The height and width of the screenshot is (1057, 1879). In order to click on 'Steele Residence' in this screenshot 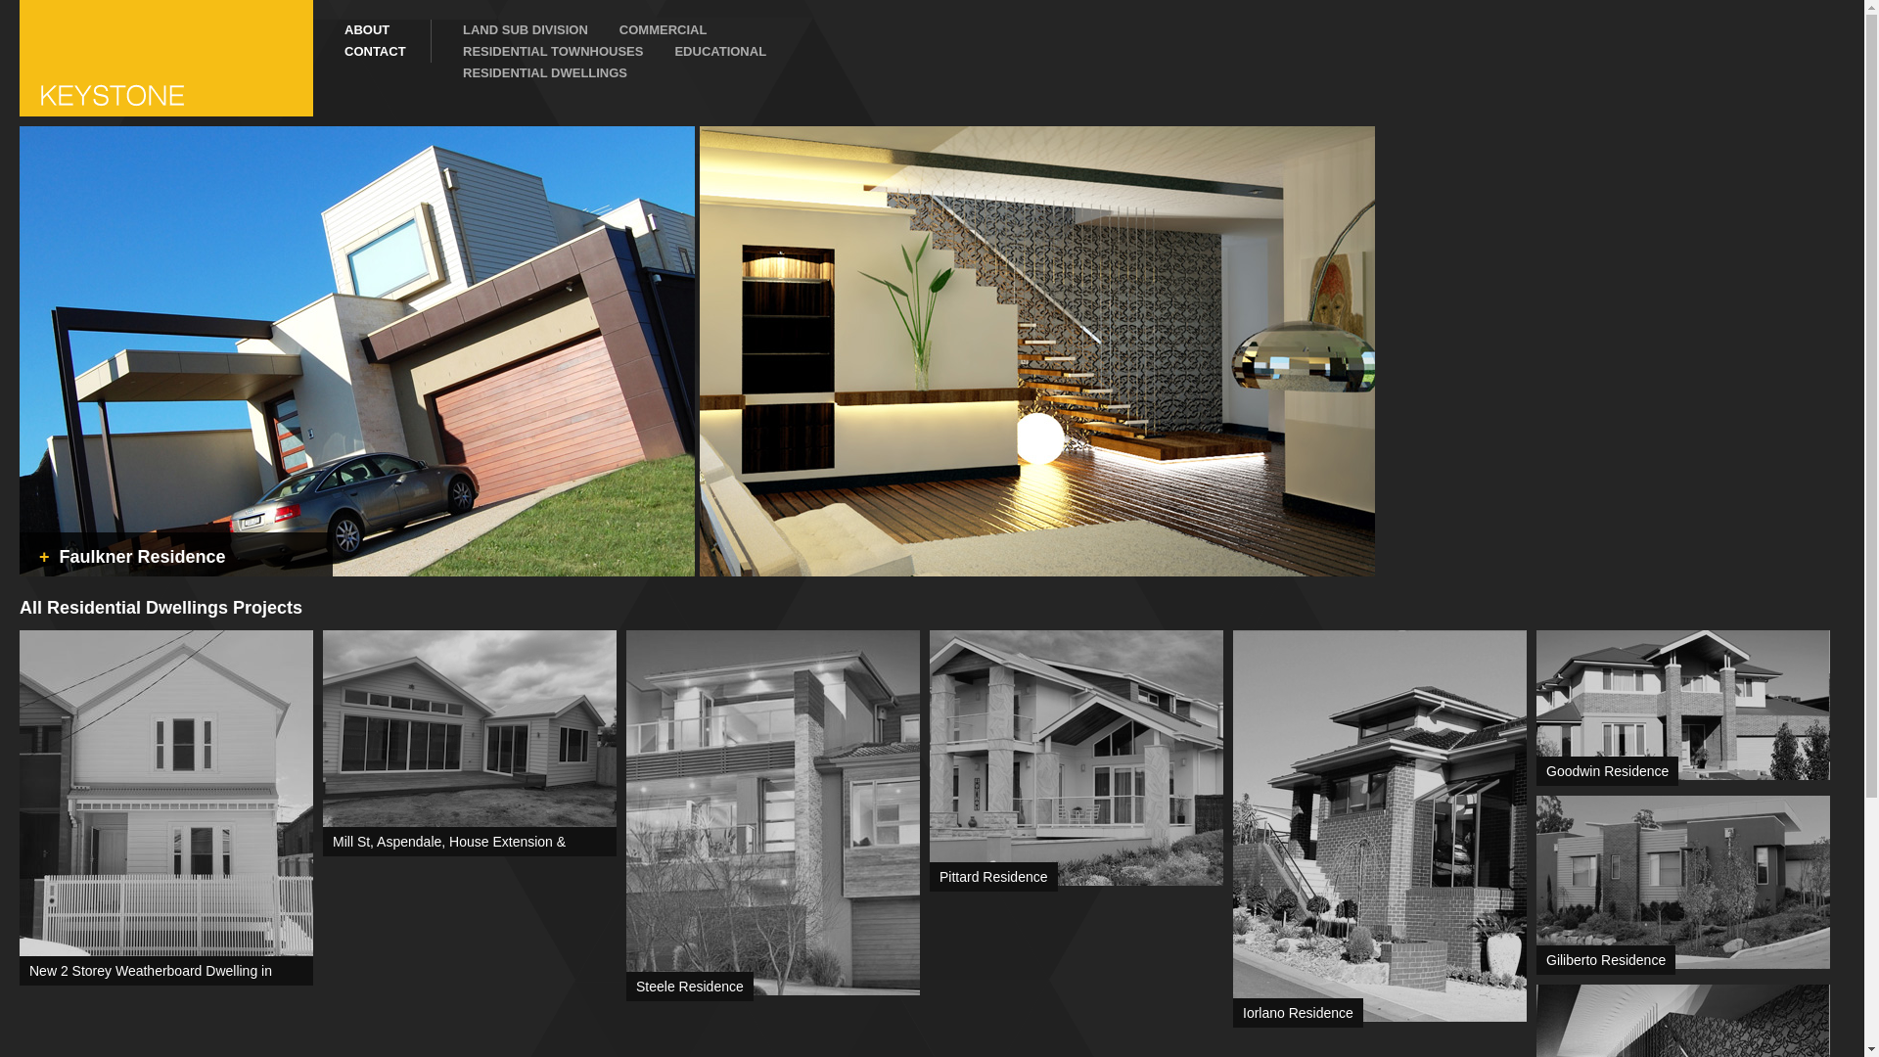, I will do `click(690, 986)`.